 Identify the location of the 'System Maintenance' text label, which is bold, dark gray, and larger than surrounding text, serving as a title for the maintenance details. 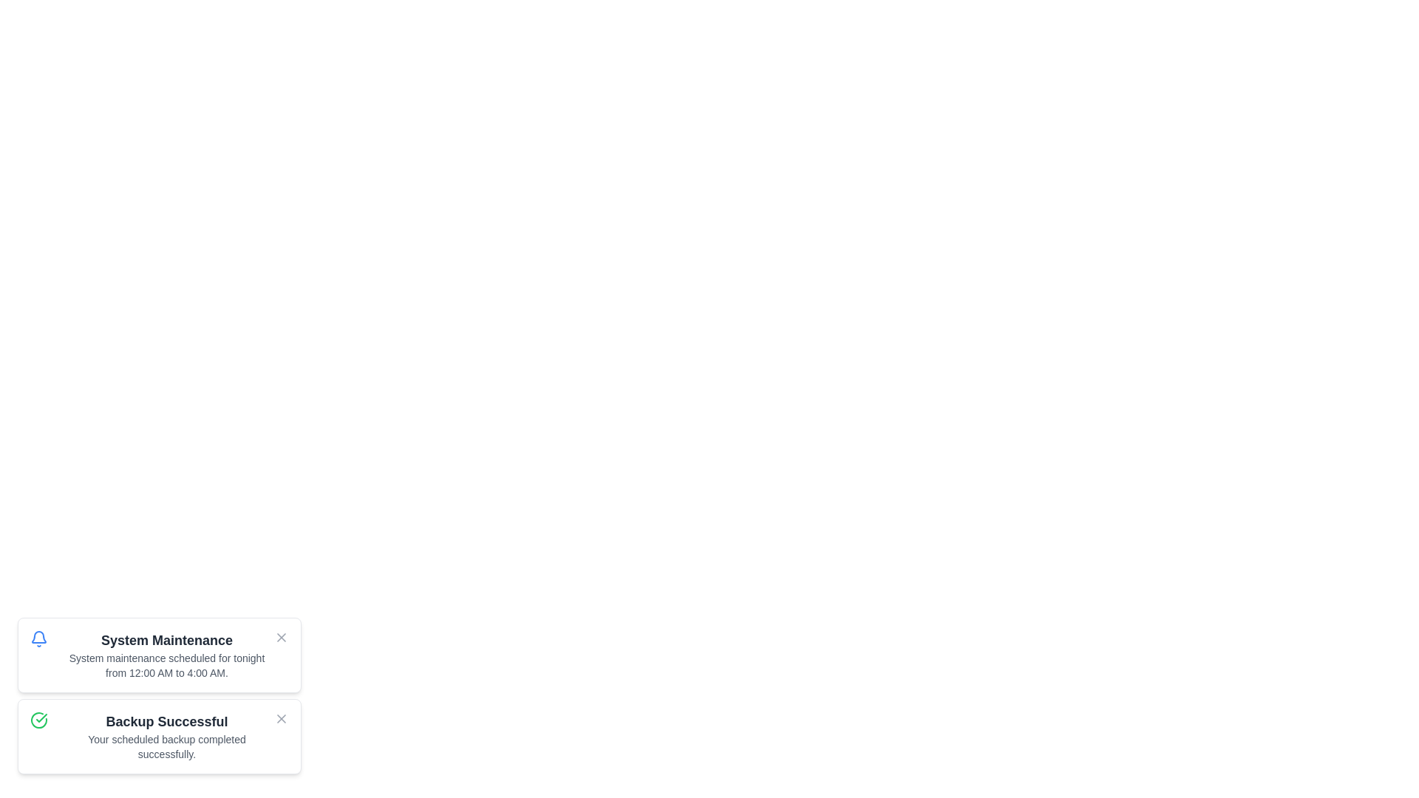
(166, 640).